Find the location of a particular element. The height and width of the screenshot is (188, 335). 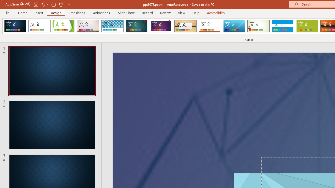

'Damask' is located at coordinates (15, 26).